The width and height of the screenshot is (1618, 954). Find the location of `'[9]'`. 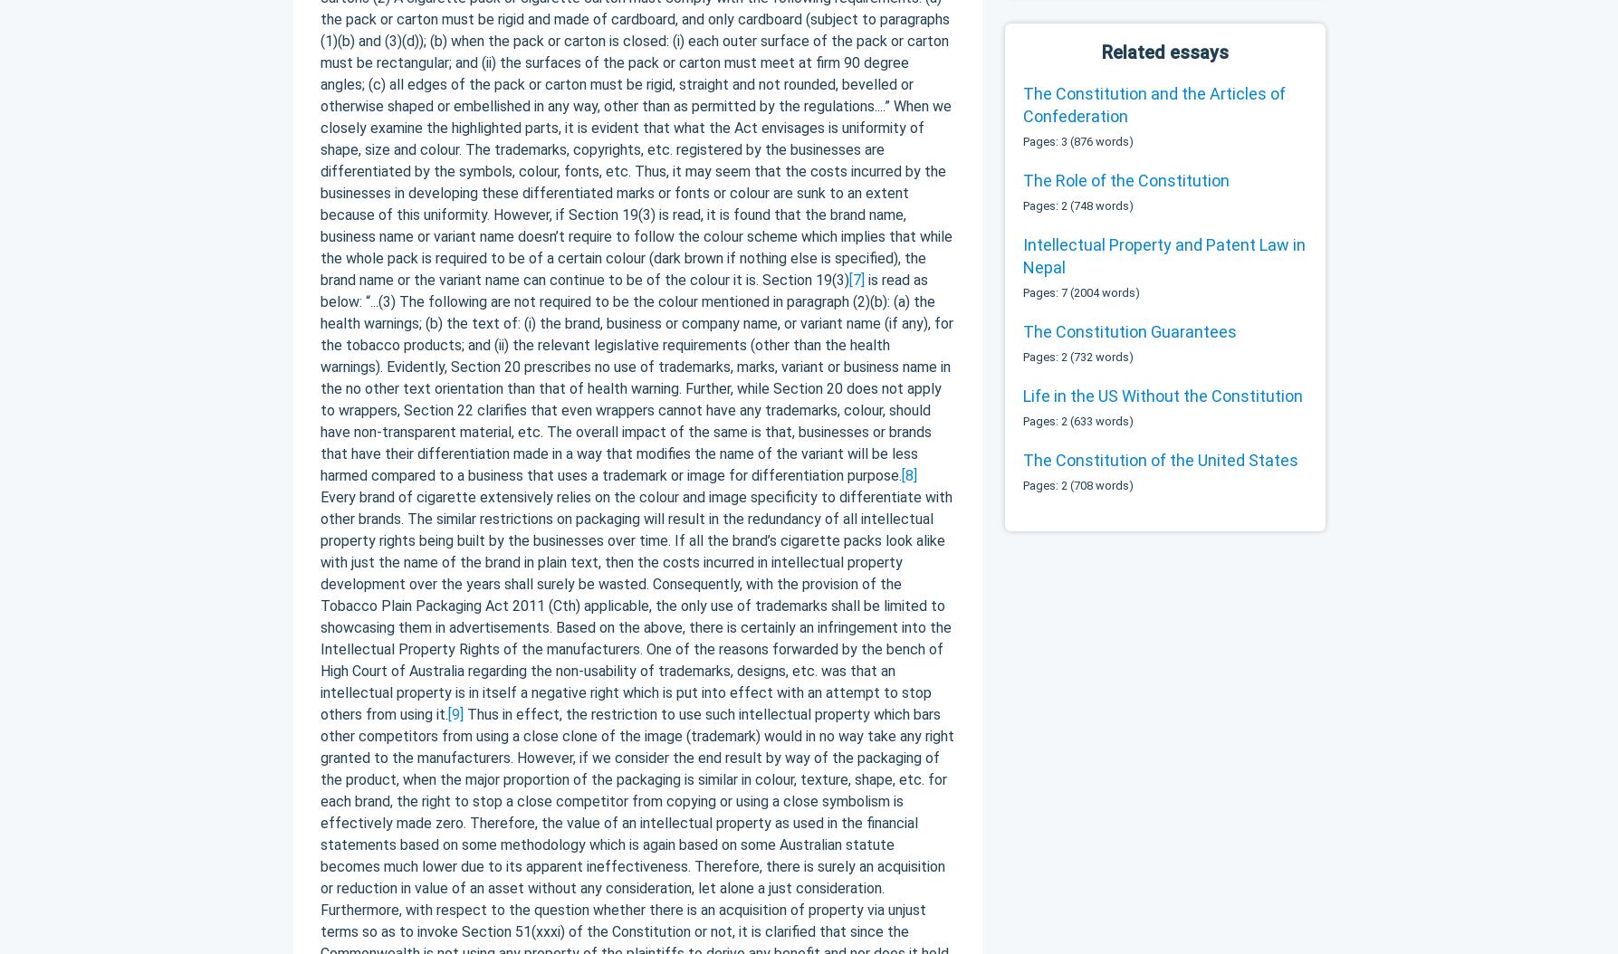

'[9]' is located at coordinates (455, 713).